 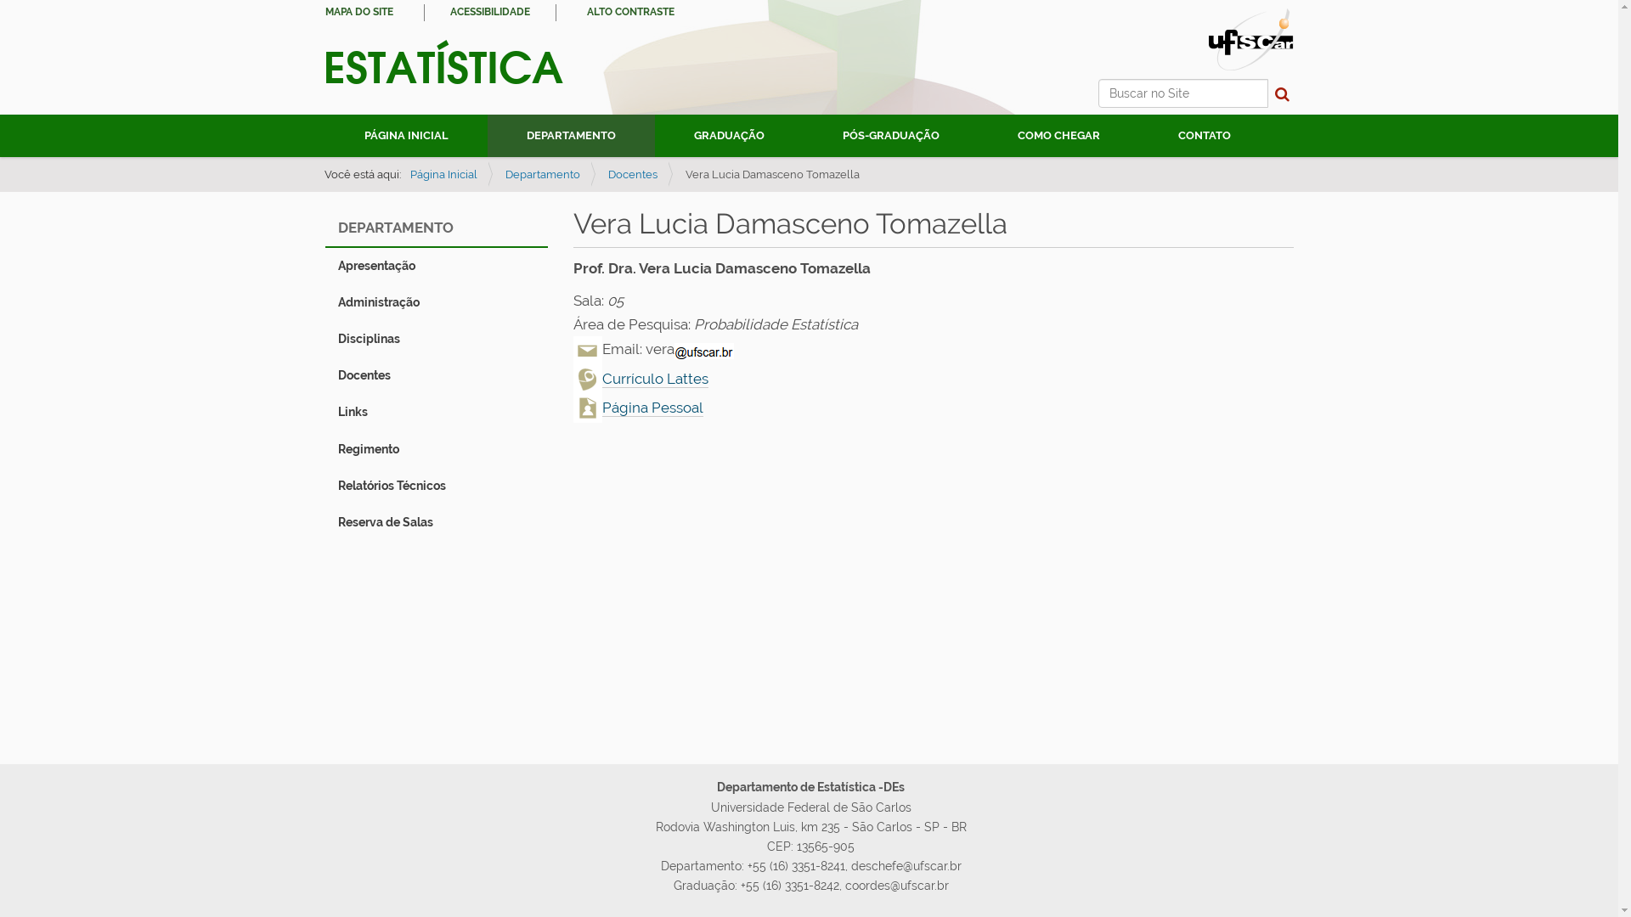 What do you see at coordinates (587, 408) in the screenshot?
I see `'Pagina Pessoal'` at bounding box center [587, 408].